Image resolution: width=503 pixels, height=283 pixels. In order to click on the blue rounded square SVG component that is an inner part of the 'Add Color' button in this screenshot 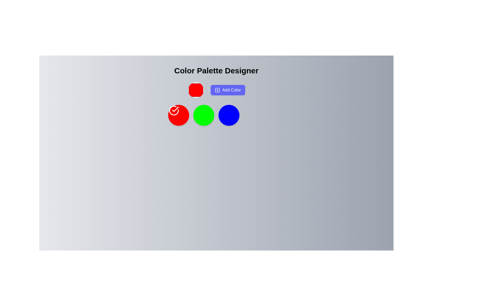, I will do `click(217, 90)`.